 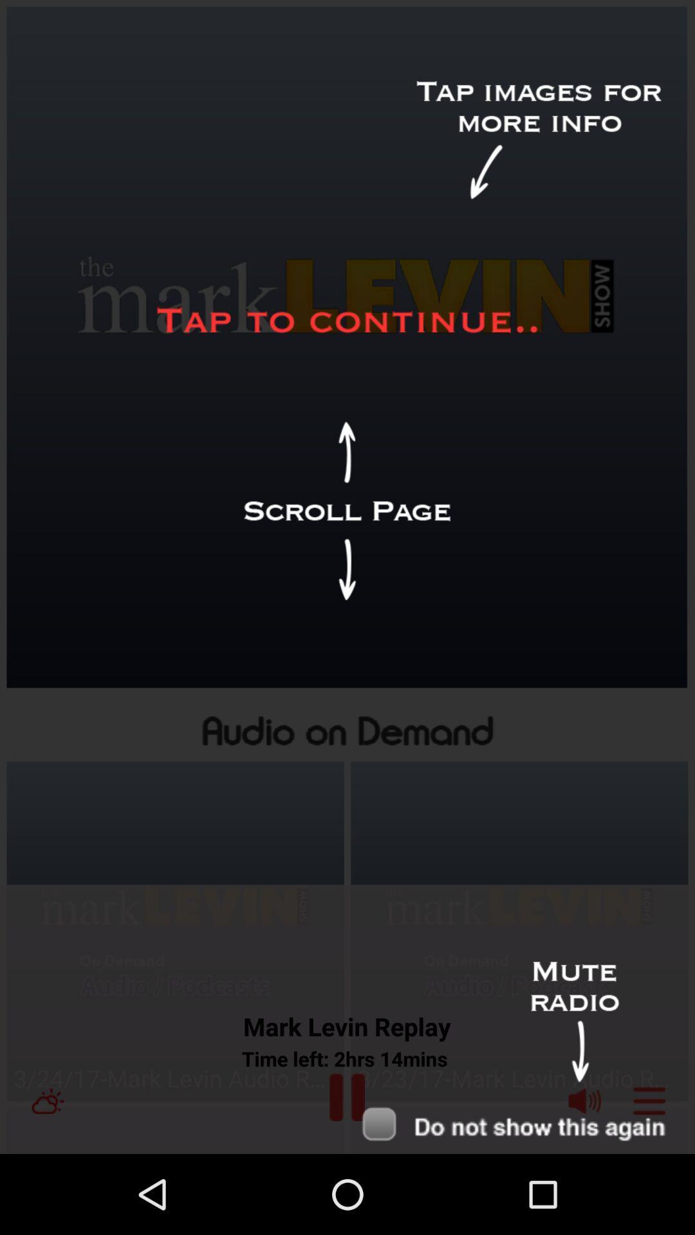 I want to click on the weather icon, so click(x=47, y=1178).